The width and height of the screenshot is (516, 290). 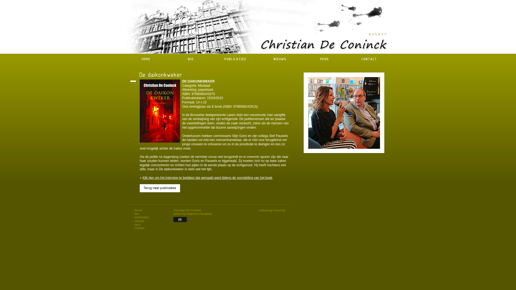 I want to click on 'publicaties', so click(x=142, y=217).